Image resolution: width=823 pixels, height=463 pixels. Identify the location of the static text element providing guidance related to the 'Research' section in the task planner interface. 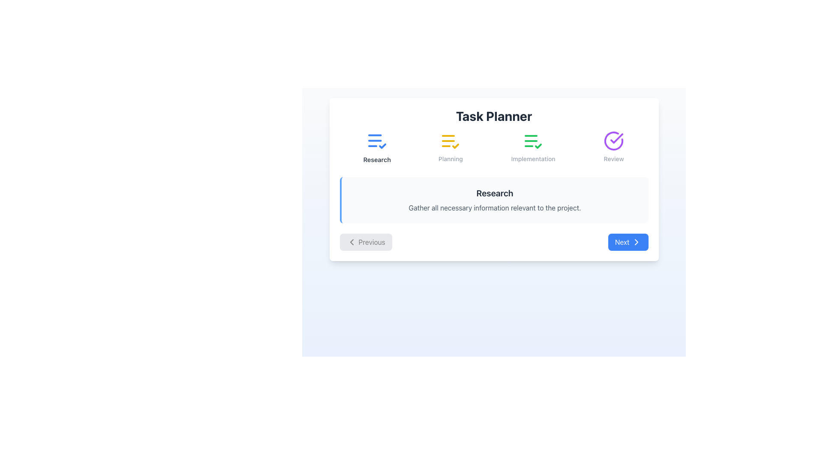
(495, 208).